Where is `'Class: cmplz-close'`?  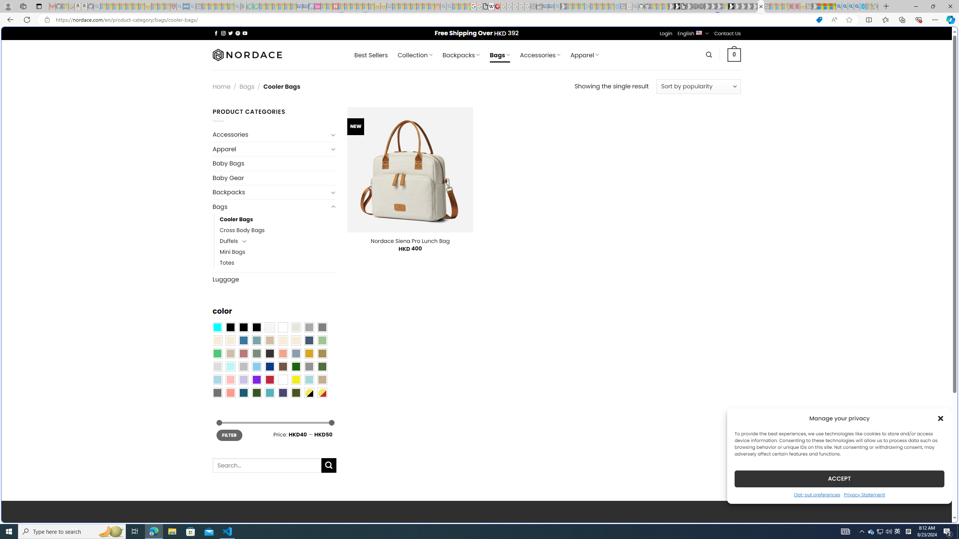 'Class: cmplz-close' is located at coordinates (941, 418).